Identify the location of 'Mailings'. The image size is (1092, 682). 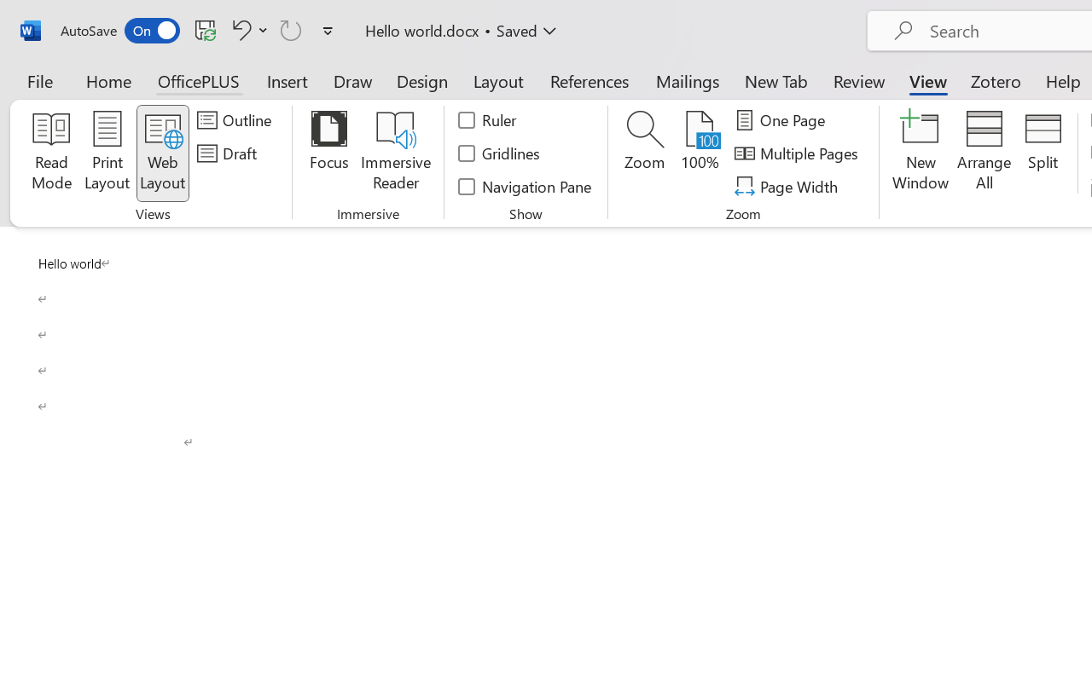
(688, 80).